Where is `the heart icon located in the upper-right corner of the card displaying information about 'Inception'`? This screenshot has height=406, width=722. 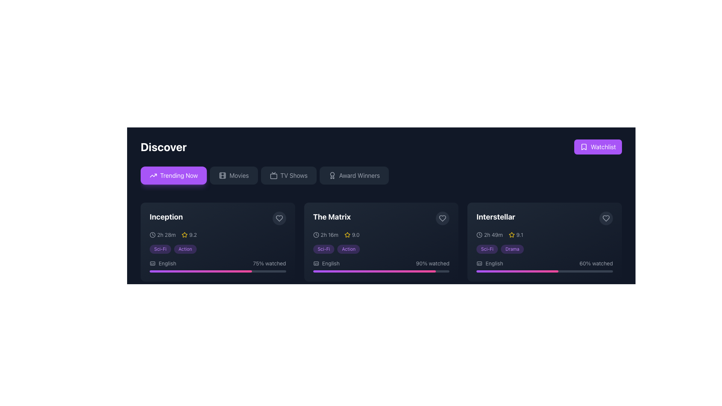 the heart icon located in the upper-right corner of the card displaying information about 'Inception' is located at coordinates (279, 218).